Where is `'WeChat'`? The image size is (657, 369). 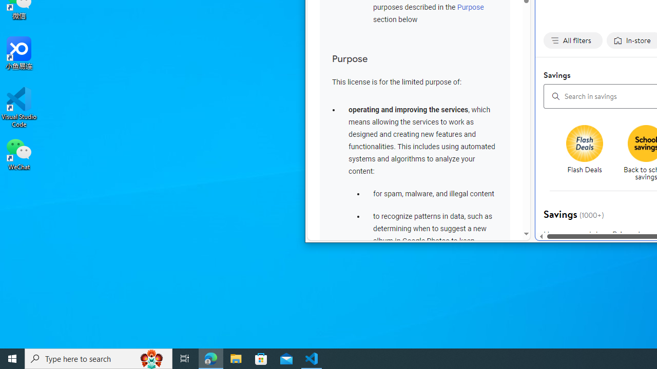 'WeChat' is located at coordinates (19, 153).